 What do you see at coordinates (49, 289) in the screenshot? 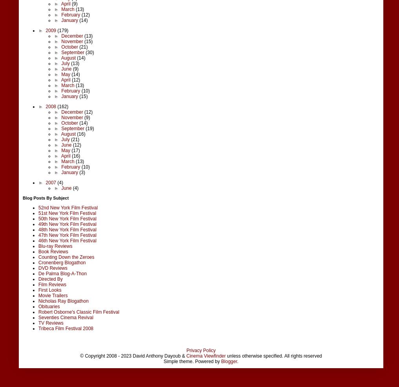
I see `'First Looks'` at bounding box center [49, 289].